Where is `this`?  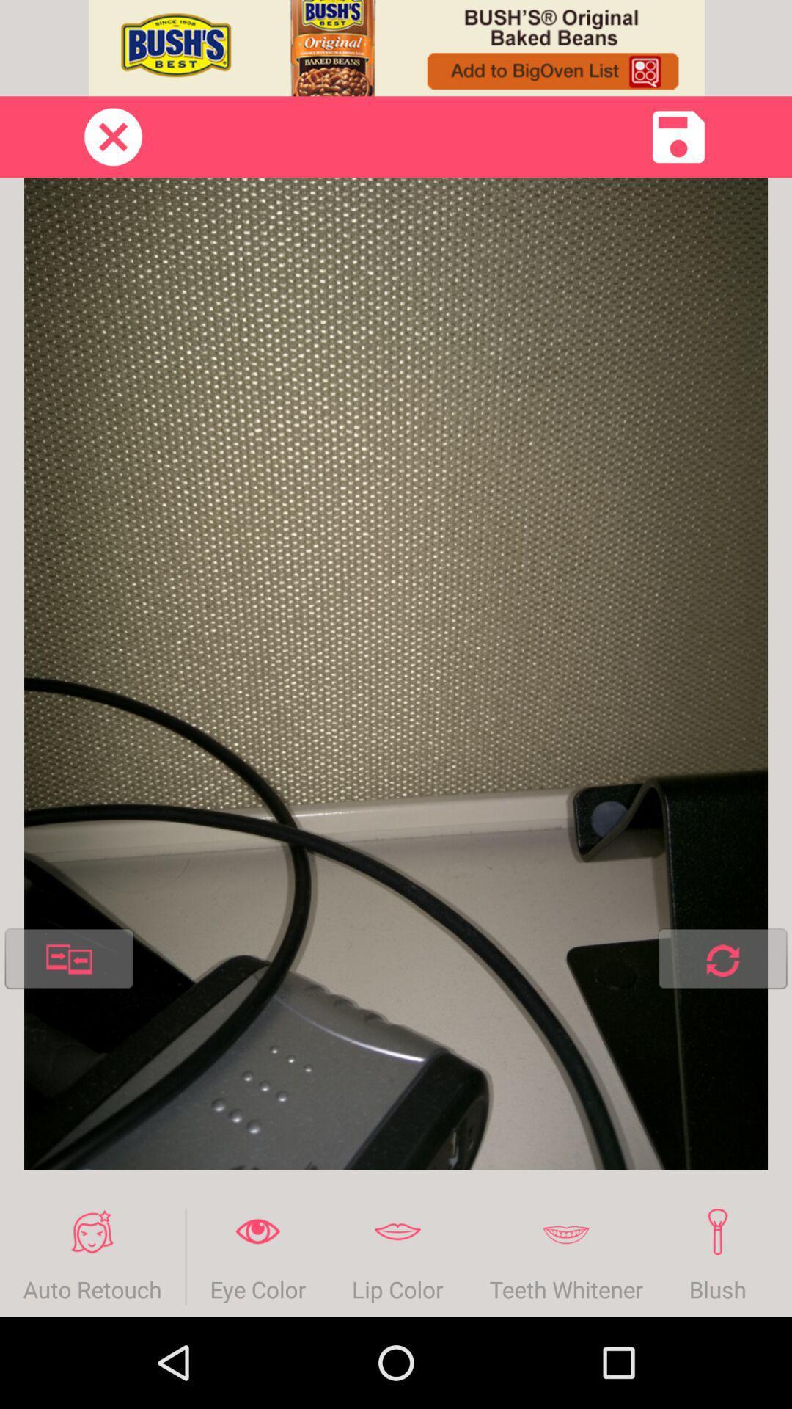 this is located at coordinates (678, 136).